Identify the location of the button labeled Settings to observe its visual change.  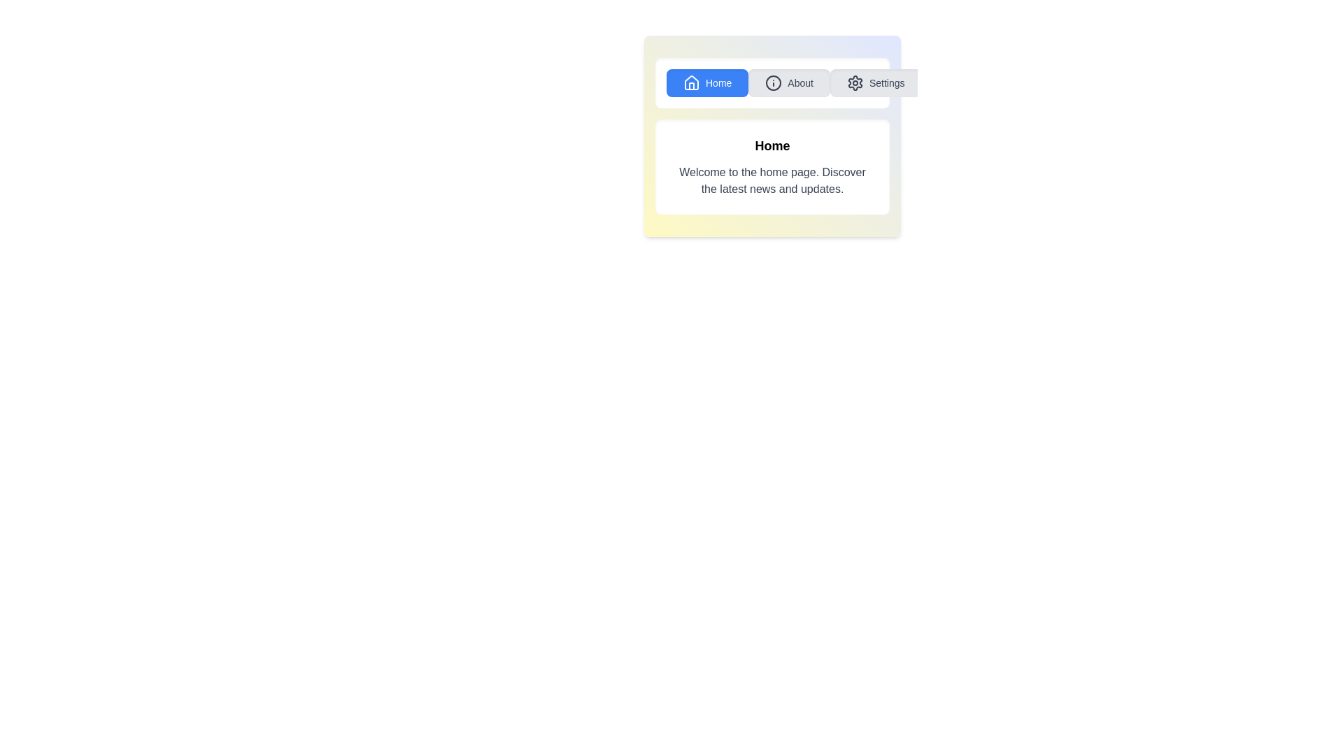
(875, 83).